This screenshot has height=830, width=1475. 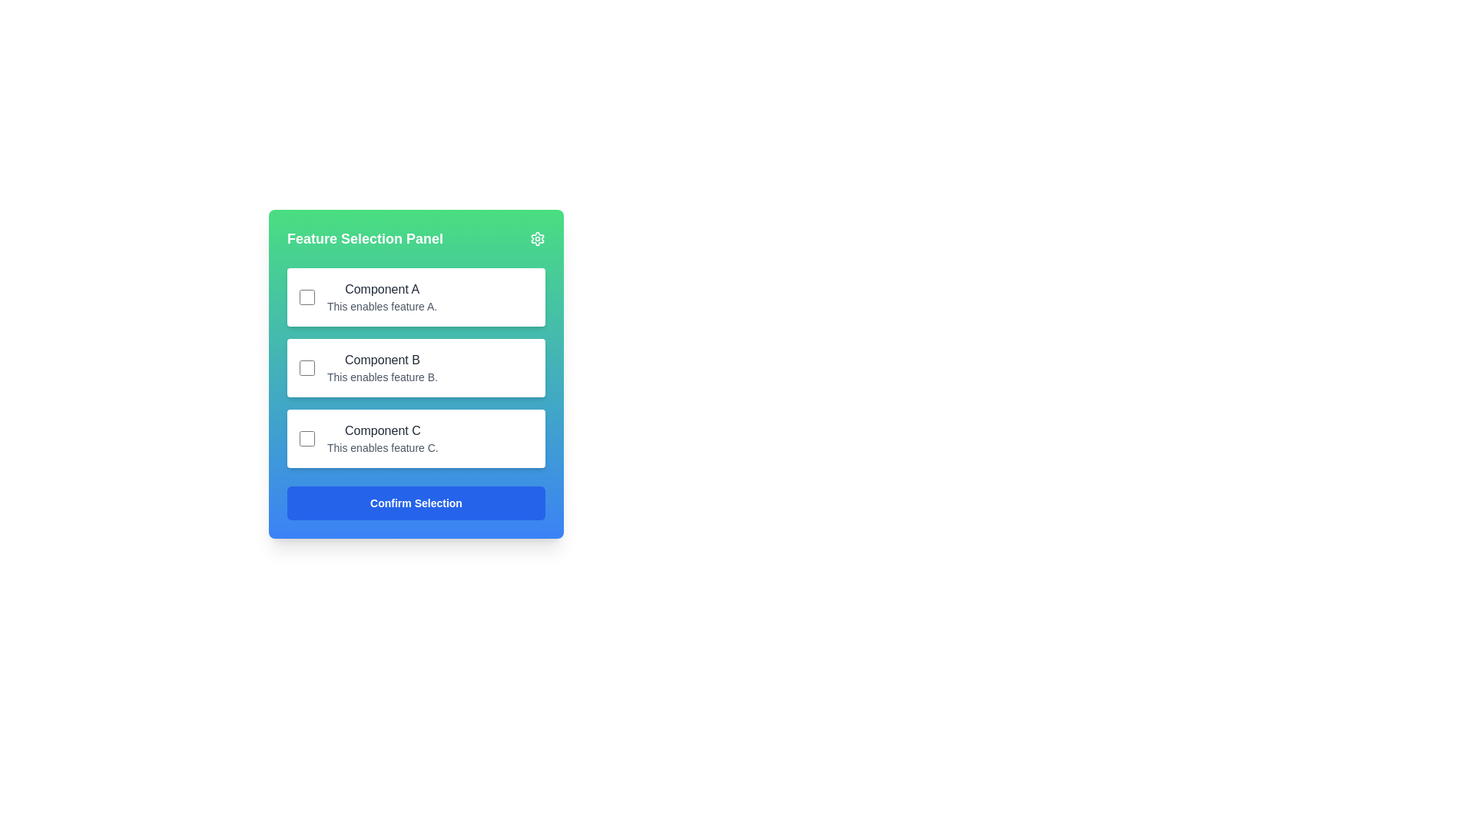 I want to click on the unselected checkbox with a white background and gray border located at the leftmost side of the 'Component C' row for additional information, so click(x=307, y=438).